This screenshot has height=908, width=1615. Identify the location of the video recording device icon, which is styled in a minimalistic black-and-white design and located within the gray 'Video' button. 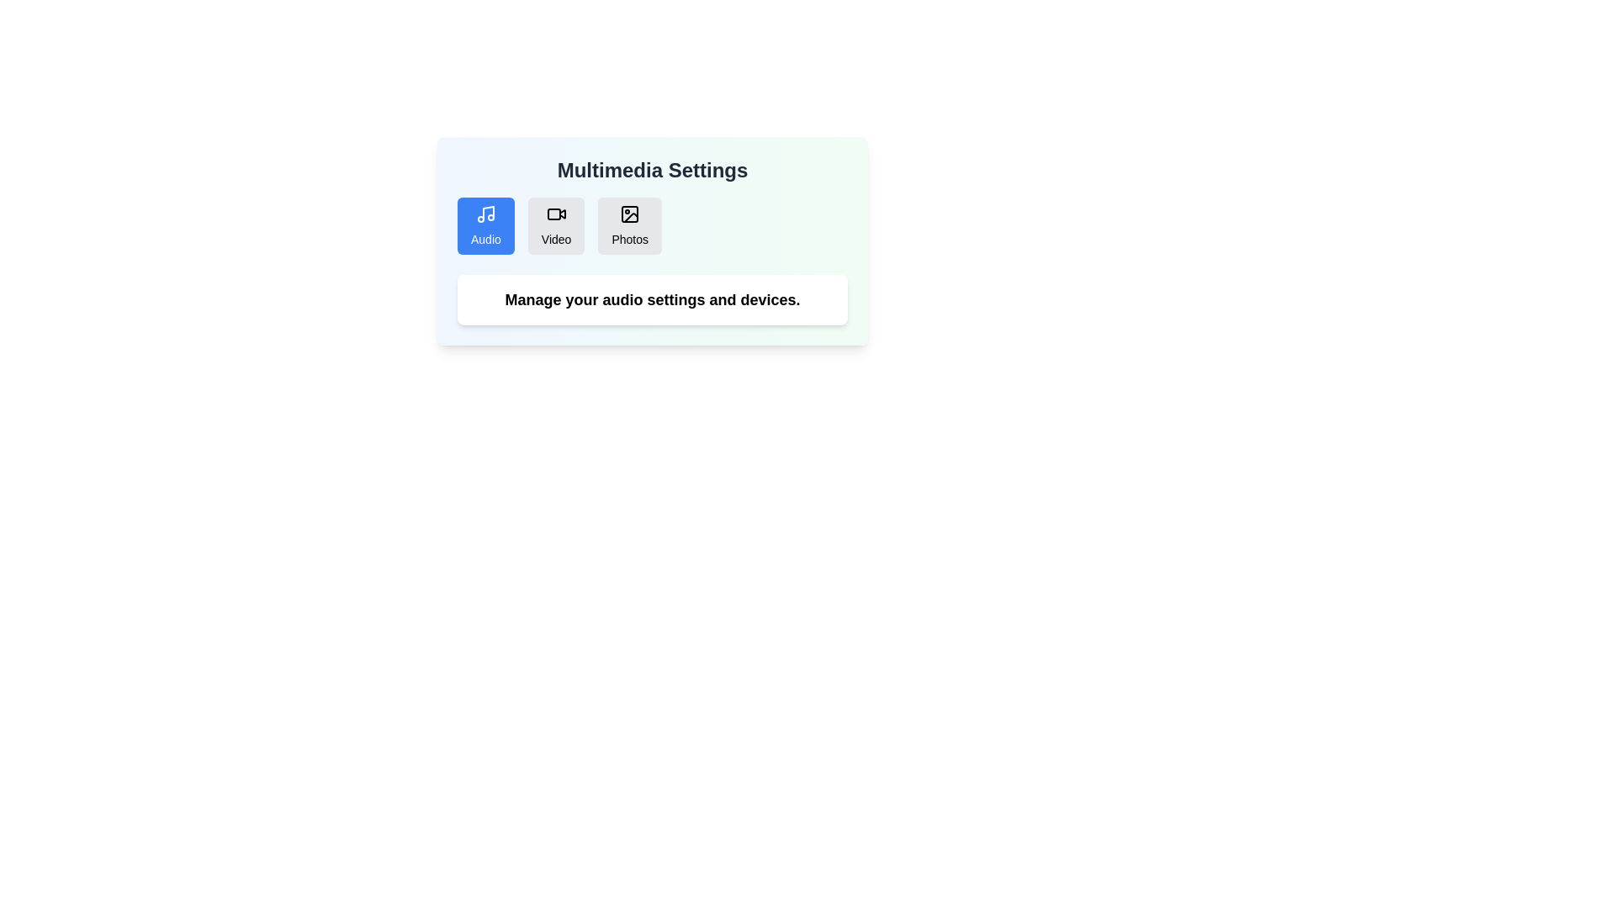
(556, 213).